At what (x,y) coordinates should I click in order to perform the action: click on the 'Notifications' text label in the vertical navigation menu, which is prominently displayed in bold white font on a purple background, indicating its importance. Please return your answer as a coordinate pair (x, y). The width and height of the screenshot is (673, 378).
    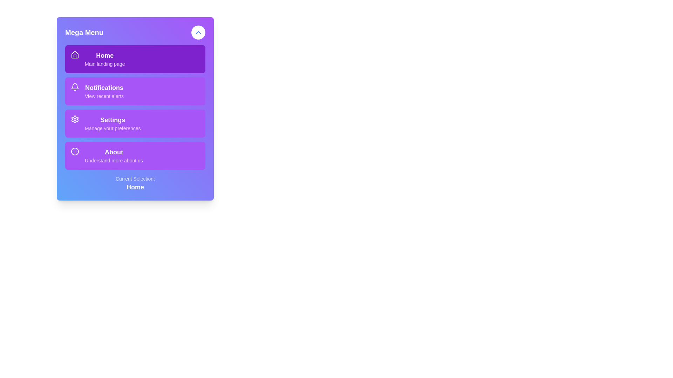
    Looking at the image, I should click on (104, 87).